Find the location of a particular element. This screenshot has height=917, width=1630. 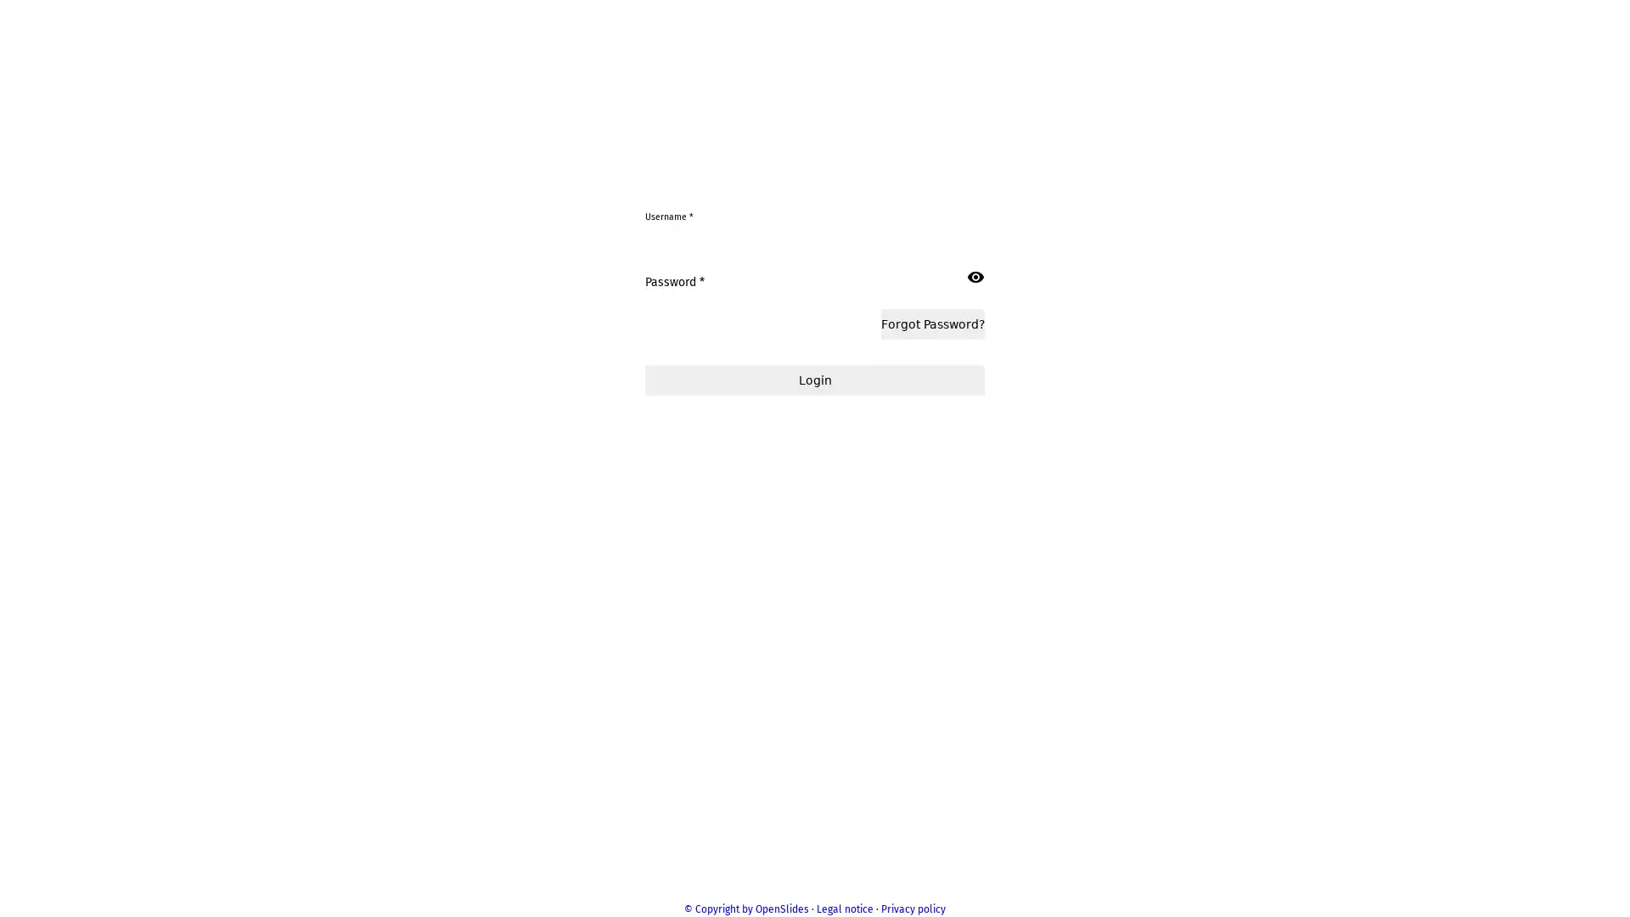

Login is located at coordinates (815, 533).